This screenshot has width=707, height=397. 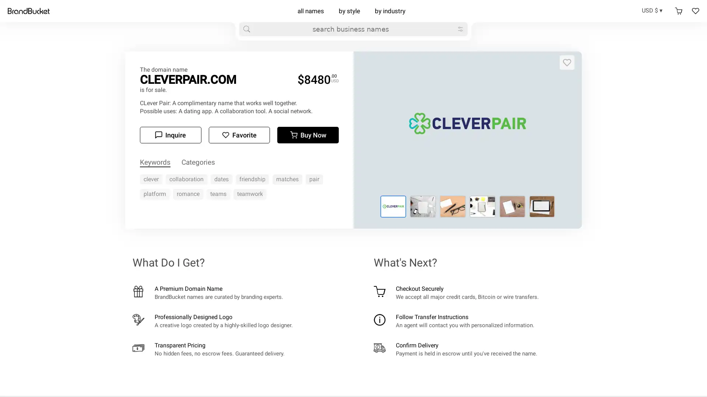 I want to click on Favorites Favorites, so click(x=695, y=11).